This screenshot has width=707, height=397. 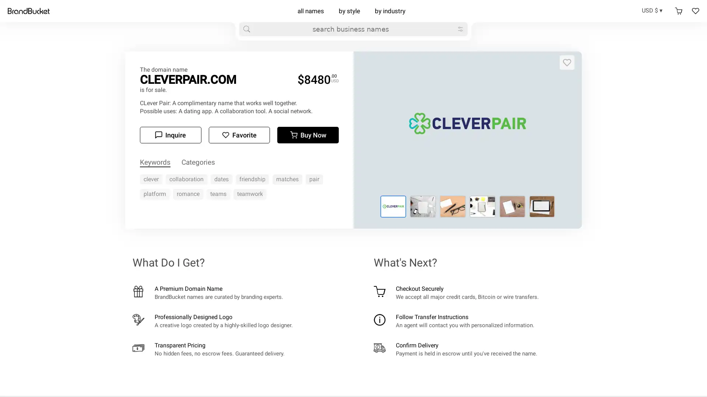 I want to click on Favorites Favorites, so click(x=695, y=11).